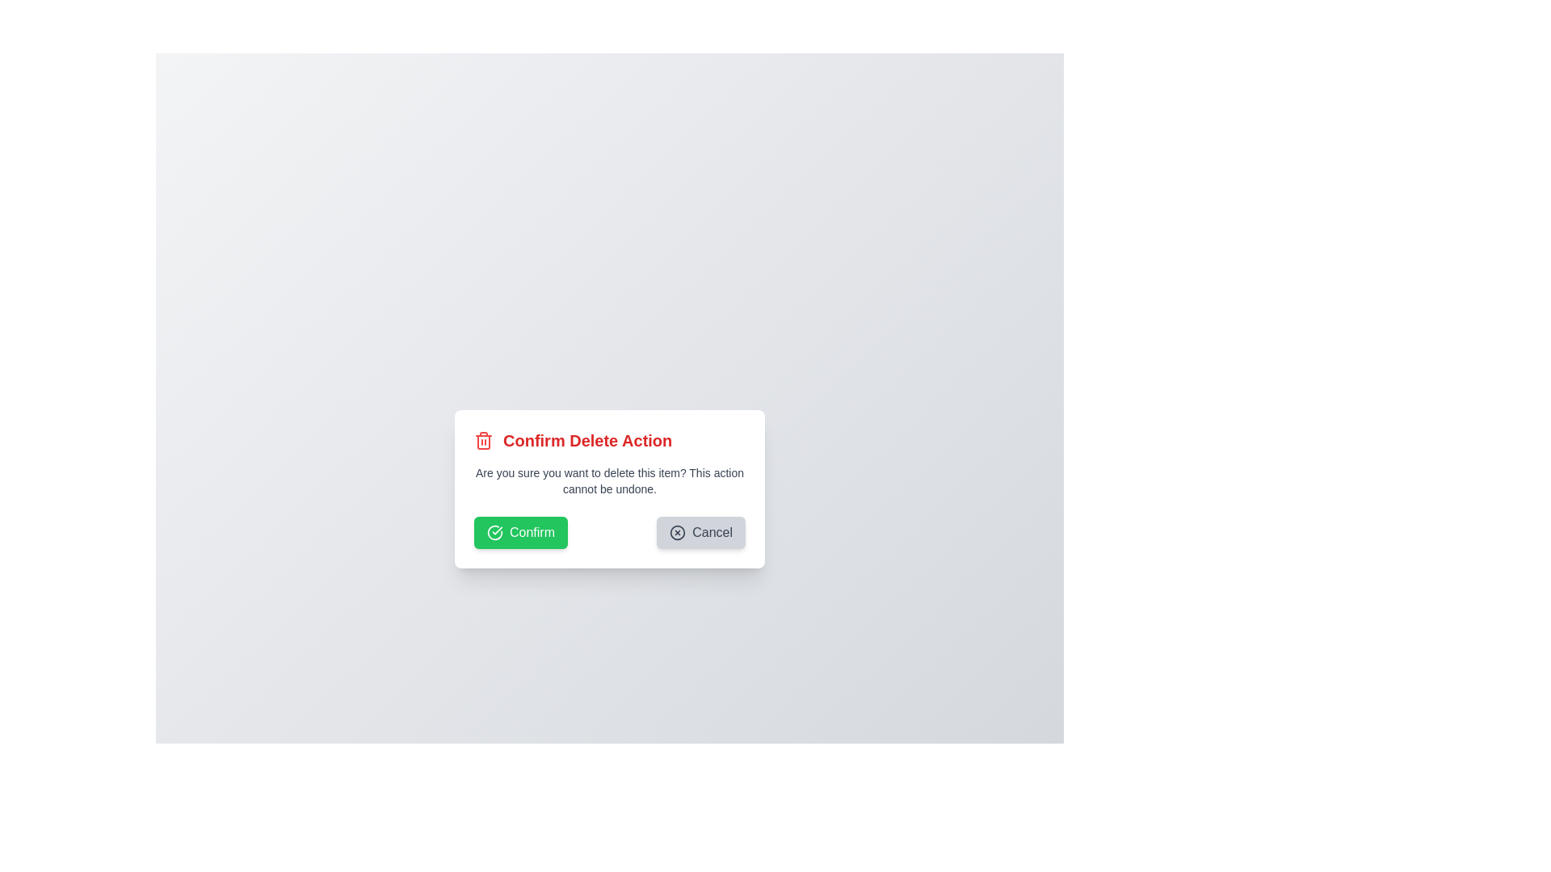 The width and height of the screenshot is (1551, 872). What do you see at coordinates (678, 532) in the screenshot?
I see `the circular graphical icon component with a dark outline located within the icon preceding the 'Confirm Delete Action' text in the modal dialog box` at bounding box center [678, 532].